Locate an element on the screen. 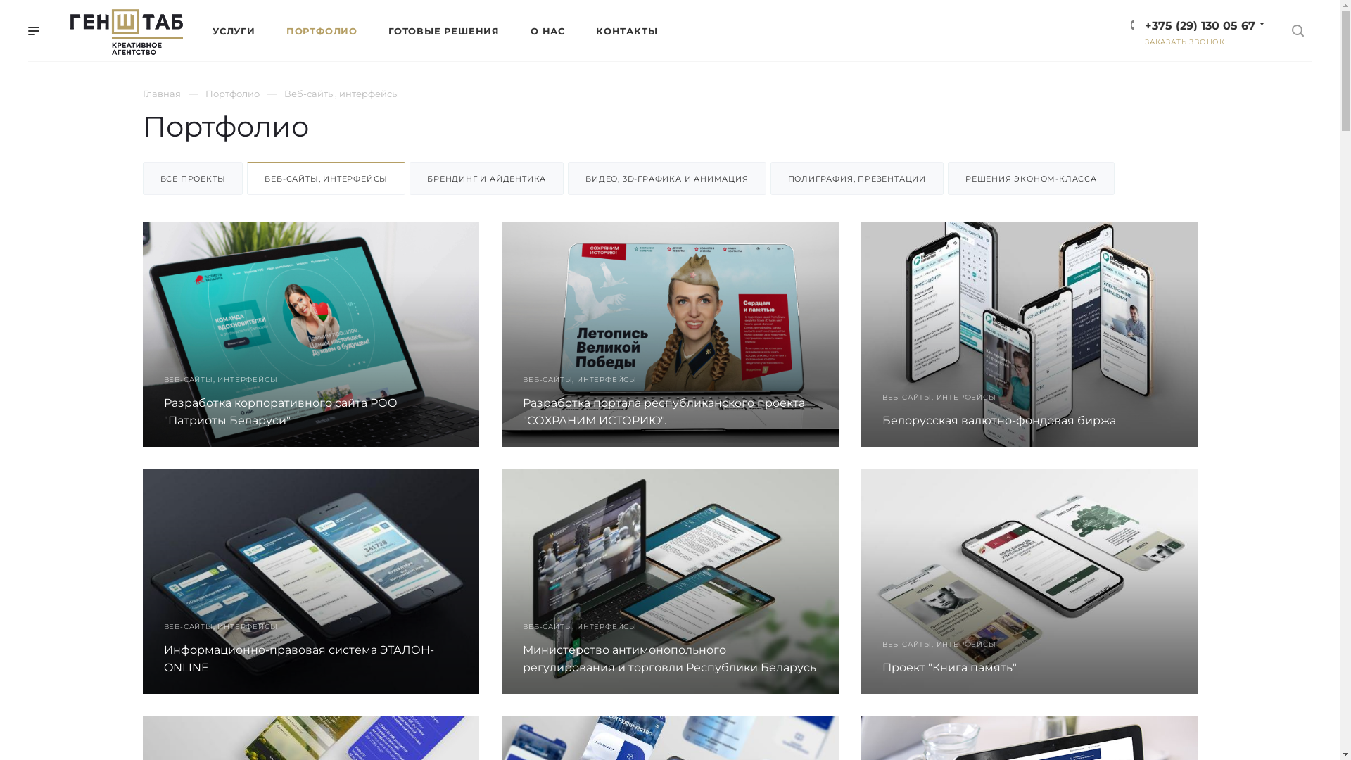  '+375 (29) 130 05 67' is located at coordinates (1199, 25).